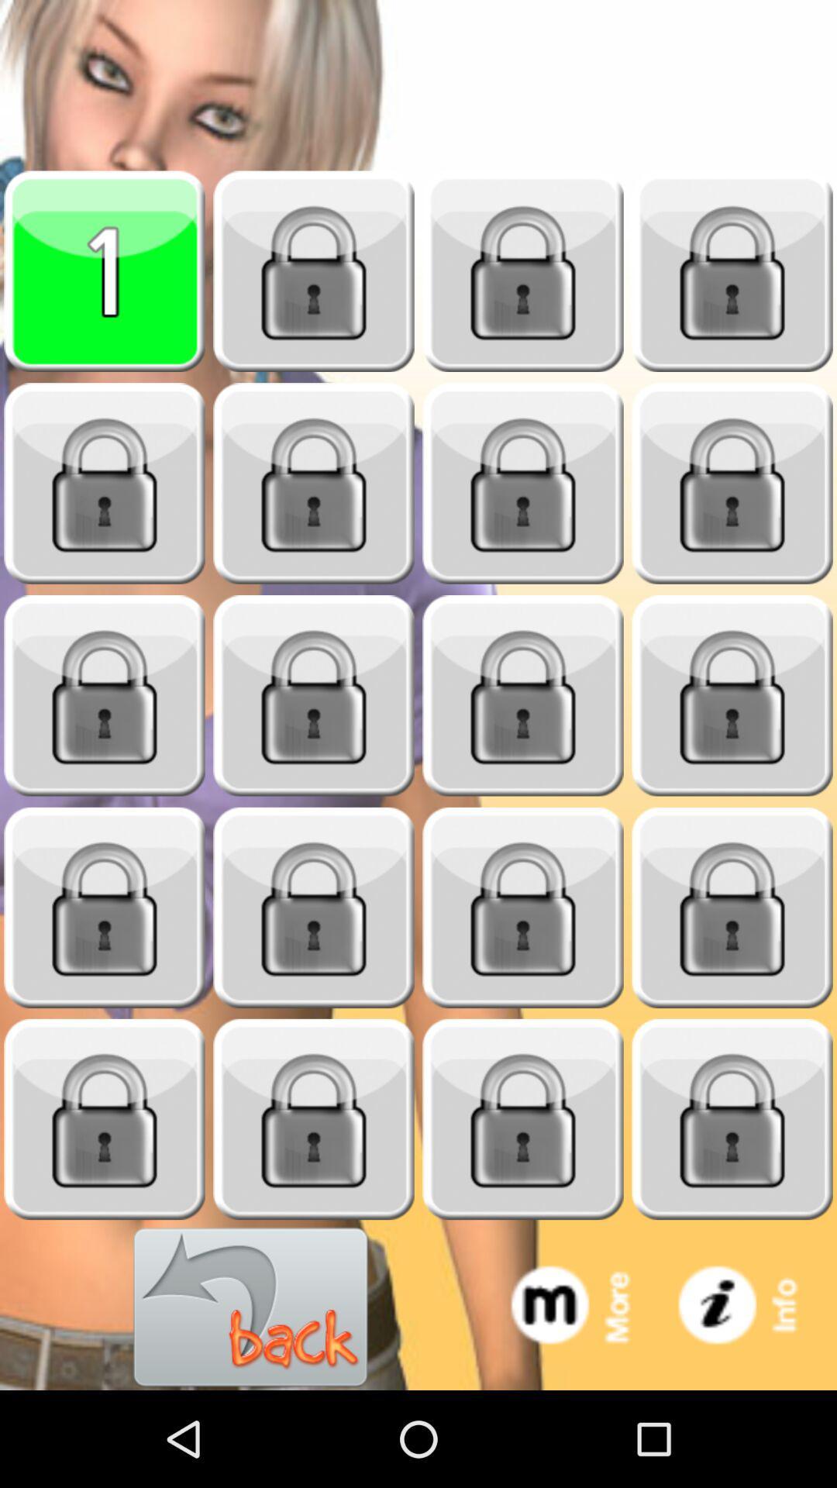 This screenshot has width=837, height=1488. What do you see at coordinates (105, 271) in the screenshot?
I see `option` at bounding box center [105, 271].